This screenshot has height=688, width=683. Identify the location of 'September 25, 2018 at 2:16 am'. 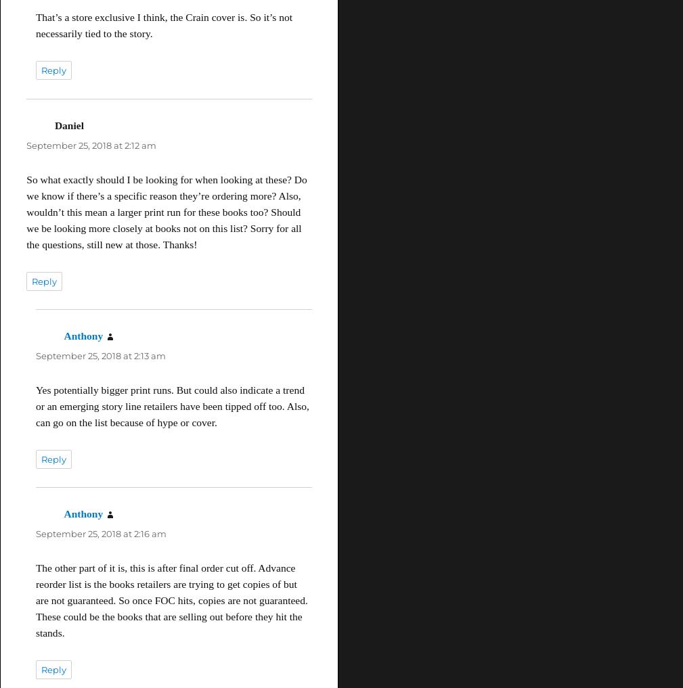
(100, 533).